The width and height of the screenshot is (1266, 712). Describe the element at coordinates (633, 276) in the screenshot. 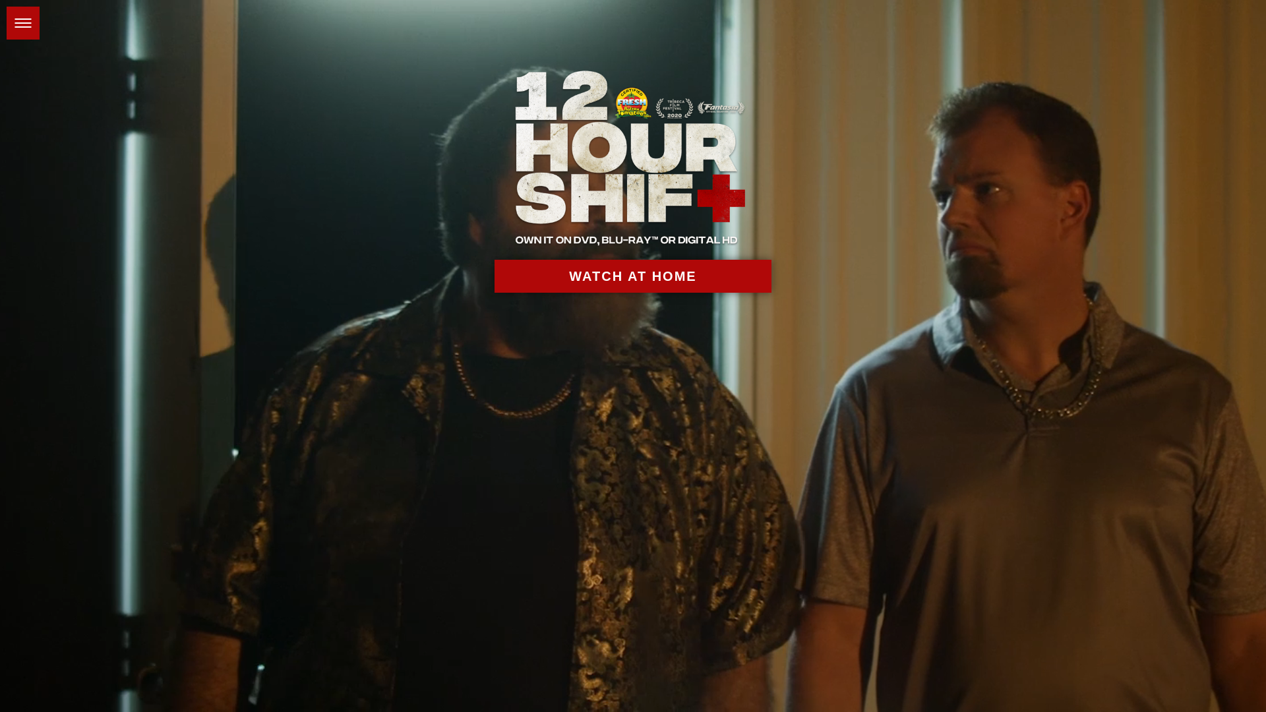

I see `'WATCH AT HOME'` at that location.